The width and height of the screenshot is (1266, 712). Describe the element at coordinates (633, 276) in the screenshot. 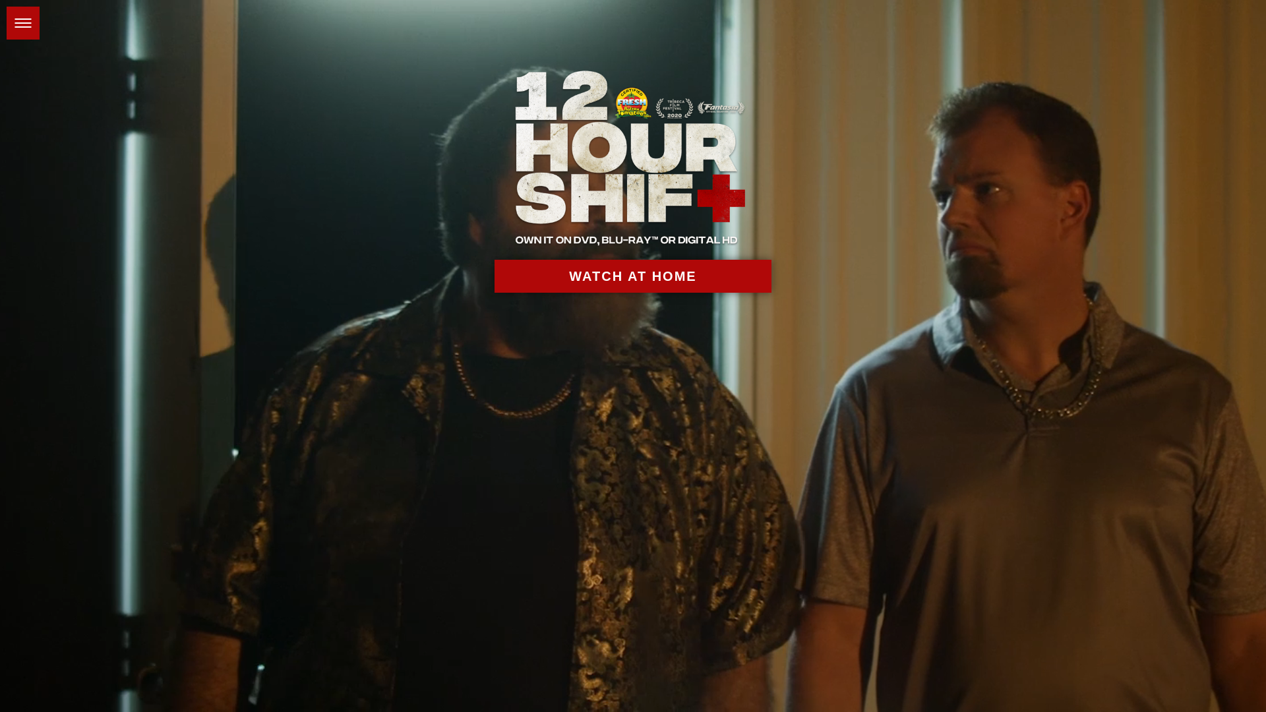

I see `'WATCH AT HOME'` at that location.